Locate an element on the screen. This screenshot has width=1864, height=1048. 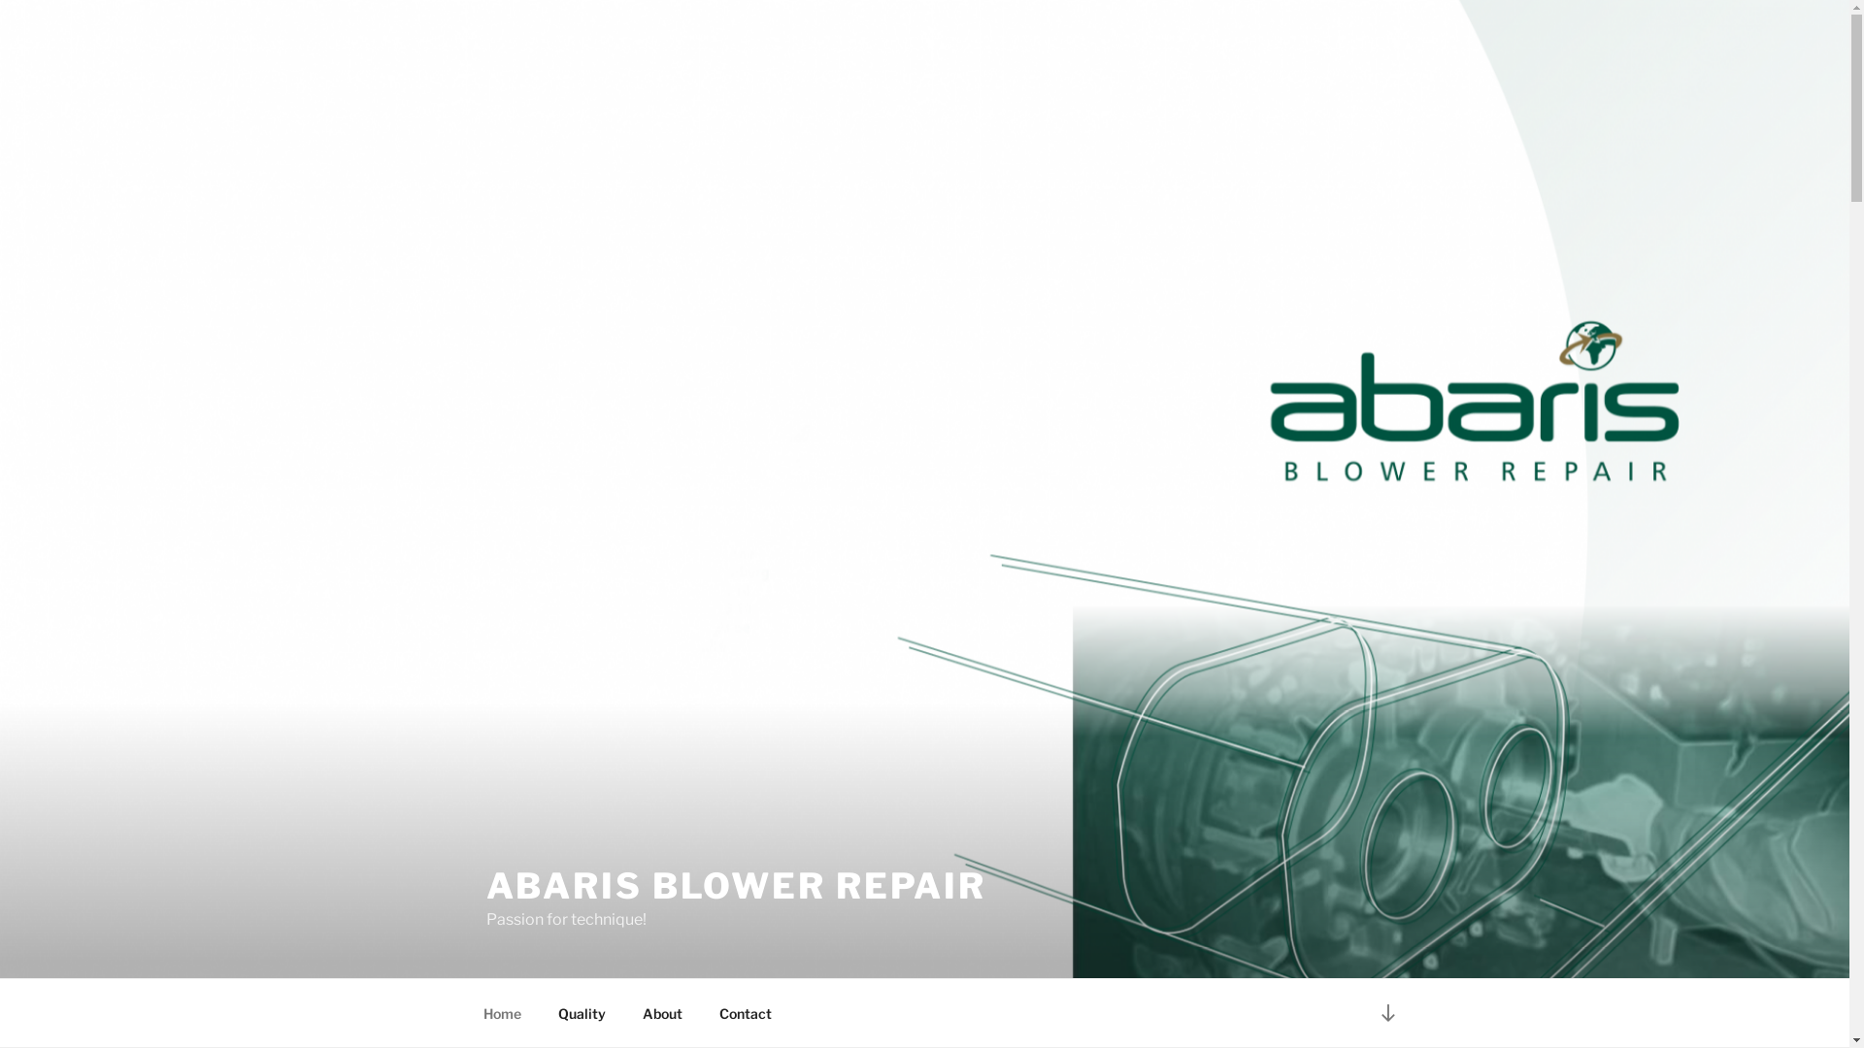
'Quality' is located at coordinates (582, 1012).